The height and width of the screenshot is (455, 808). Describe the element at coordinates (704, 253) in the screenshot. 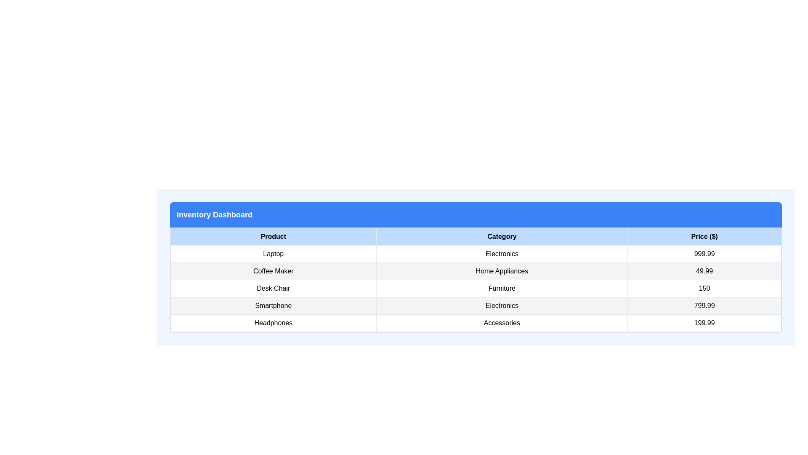

I see `the numeric value '999.99' in the third column of the first data row under the header 'Price ($)' in the table` at that location.